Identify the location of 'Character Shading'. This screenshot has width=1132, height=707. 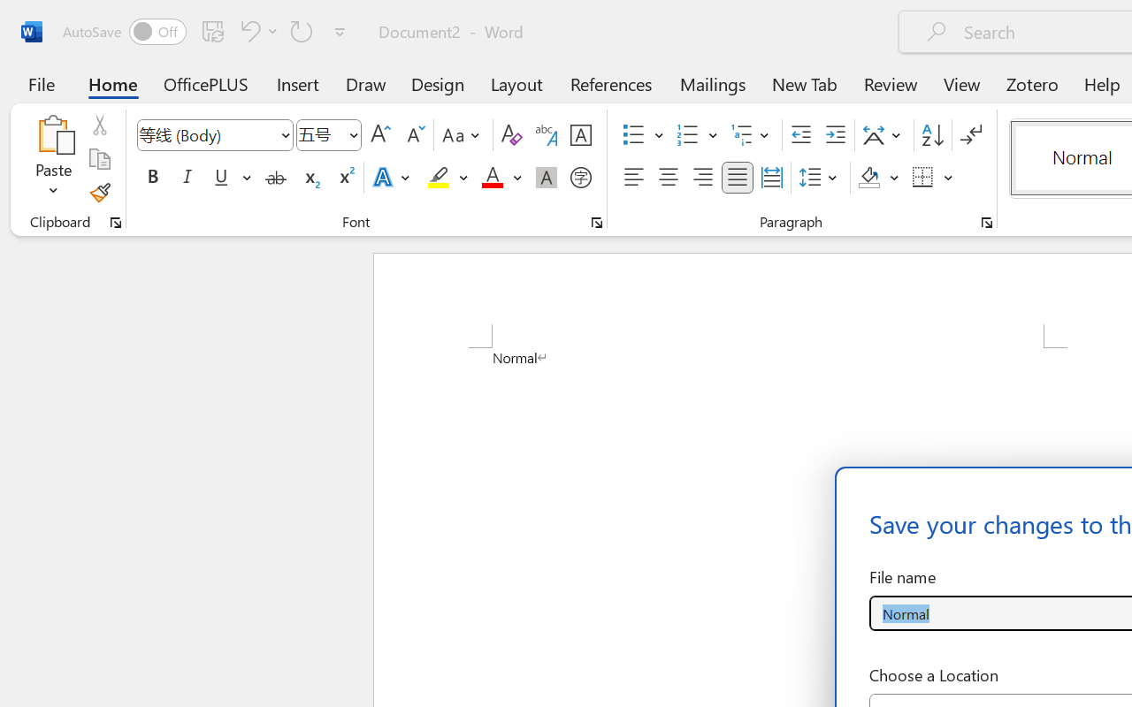
(546, 178).